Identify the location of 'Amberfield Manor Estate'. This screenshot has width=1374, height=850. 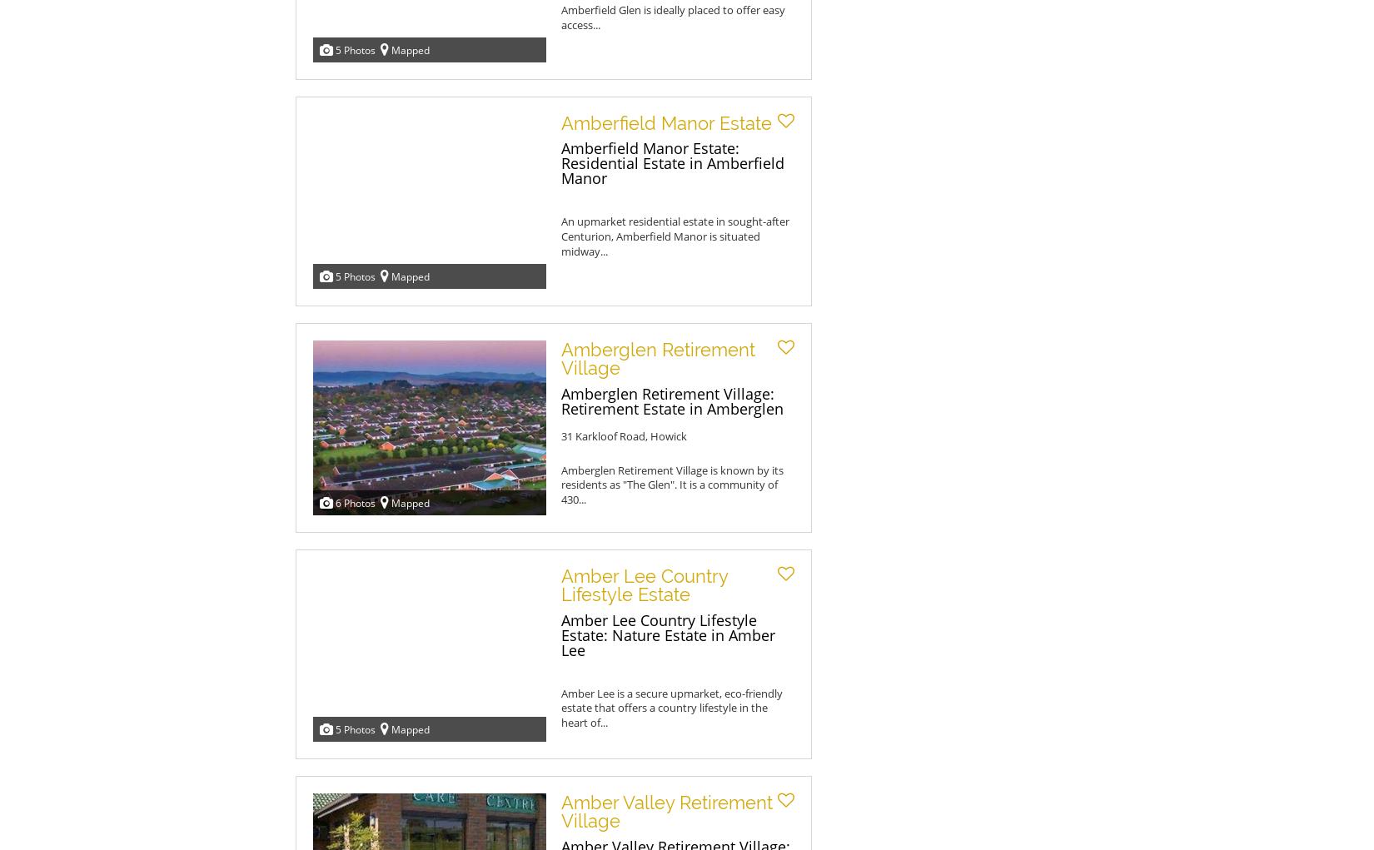
(560, 123).